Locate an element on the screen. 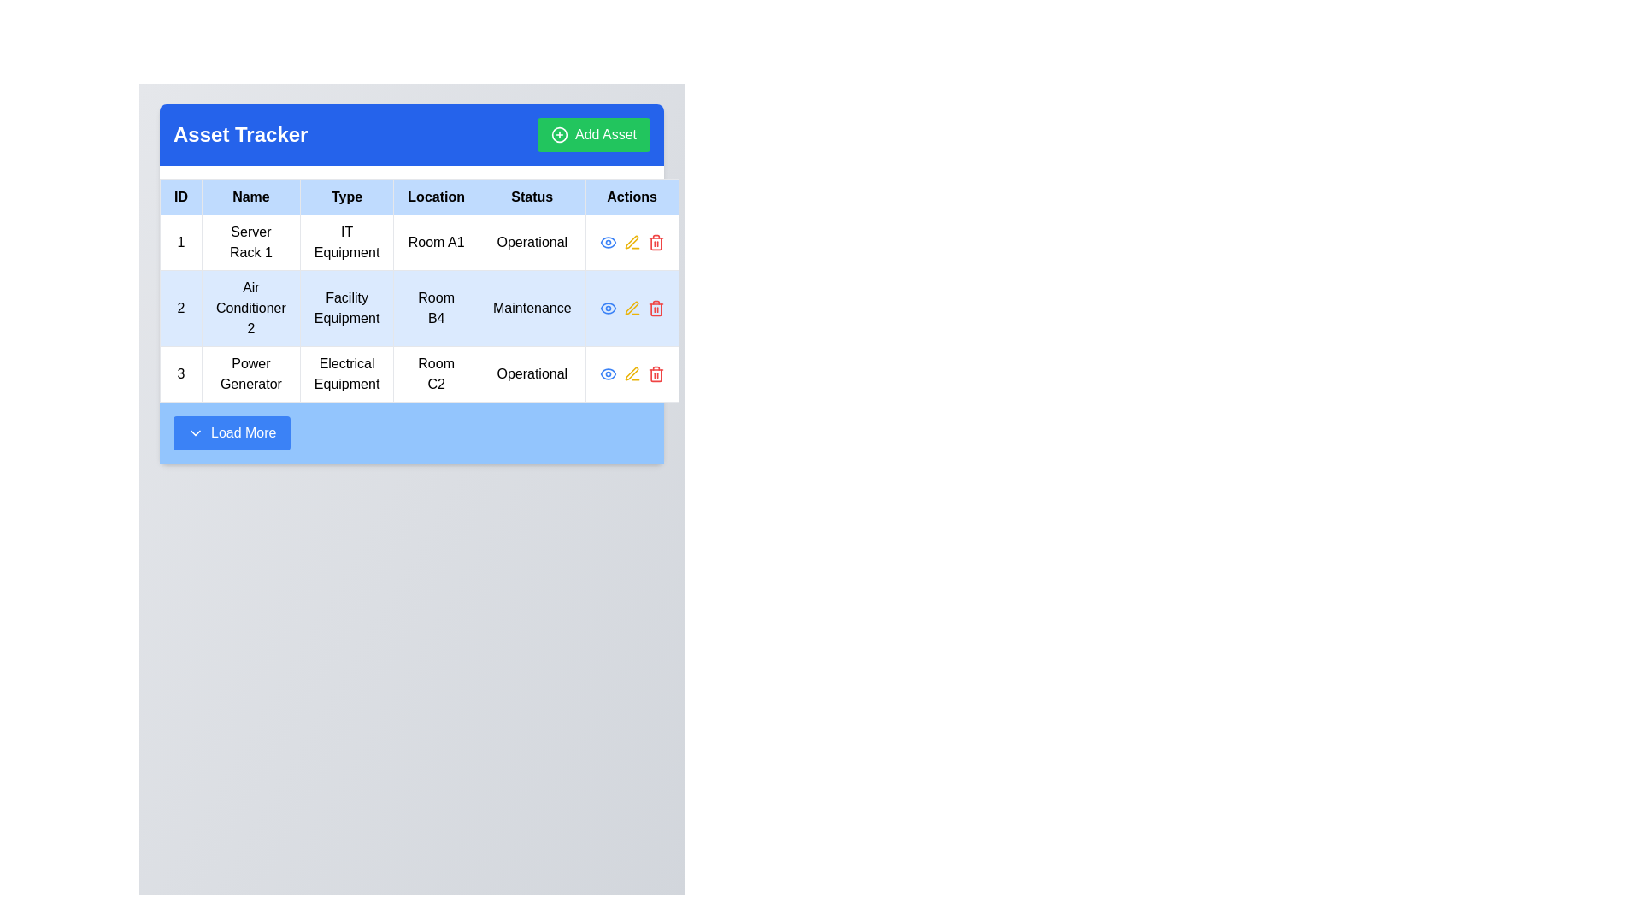 The image size is (1641, 923). the icon located to the left of the 'Load More' text within the 'Load More' button is located at coordinates (196, 432).